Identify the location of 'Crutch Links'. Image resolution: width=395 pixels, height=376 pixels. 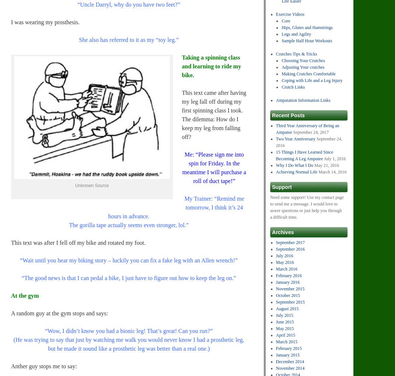
(293, 87).